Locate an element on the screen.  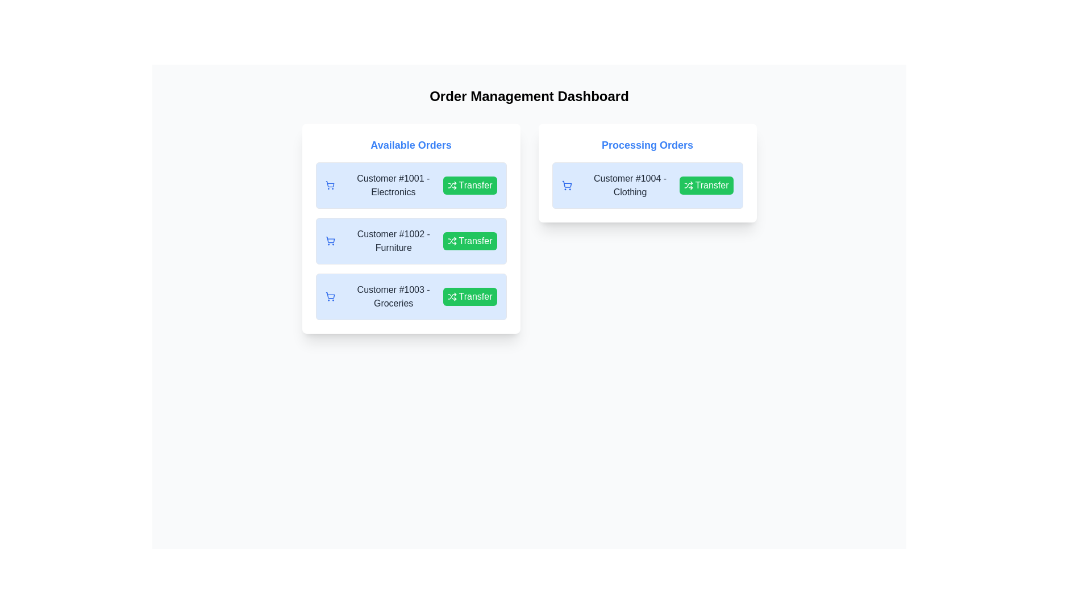
'Customer #1002 - Furniture' text and icon display component located in the 'Available Orders' section, which is the second item in a vertical list of orders is located at coordinates (384, 240).